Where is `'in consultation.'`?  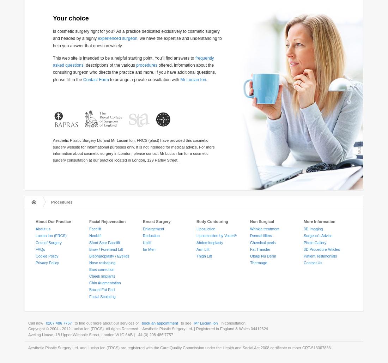 'in consultation.' is located at coordinates (233, 322).